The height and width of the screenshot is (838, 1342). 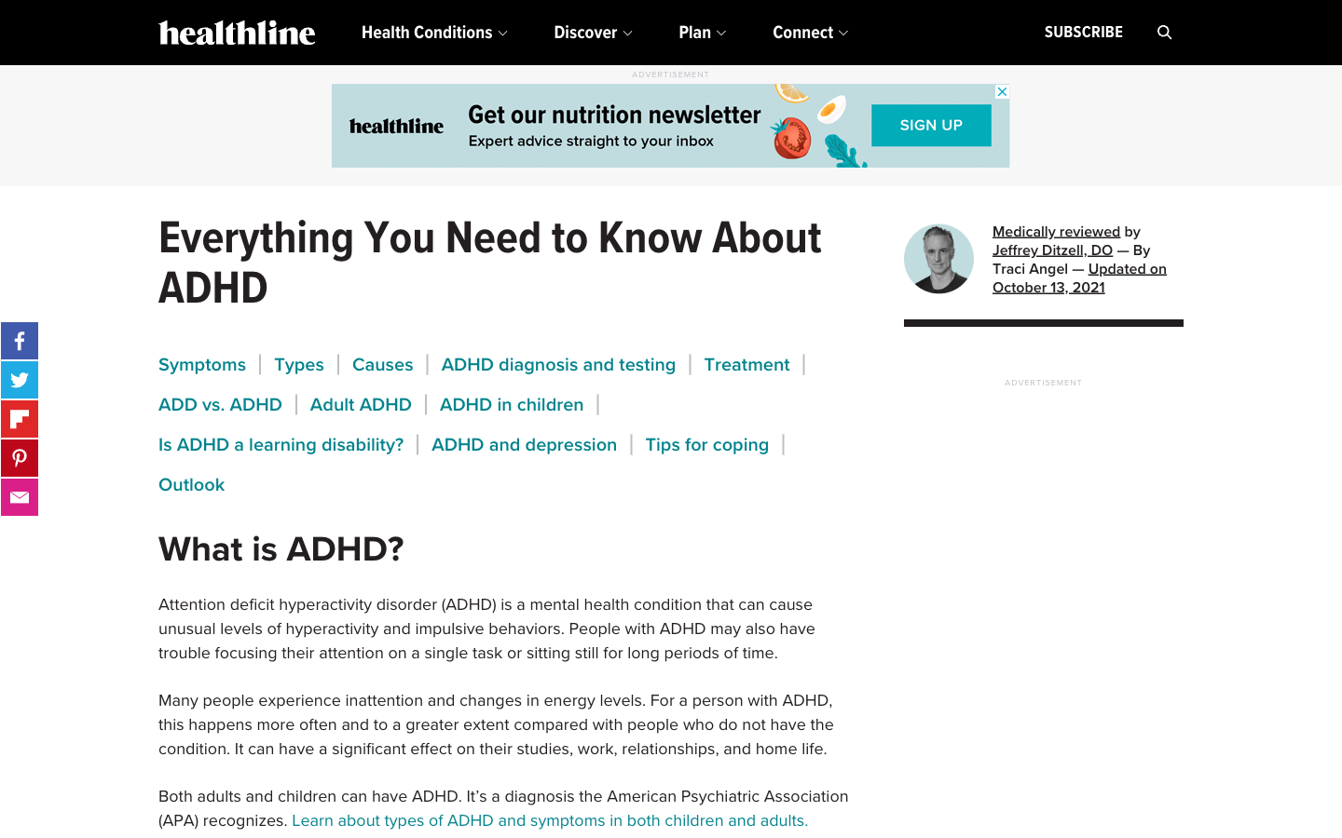 What do you see at coordinates (19, 457) in the screenshot?
I see `Post this on your Pinterest page` at bounding box center [19, 457].